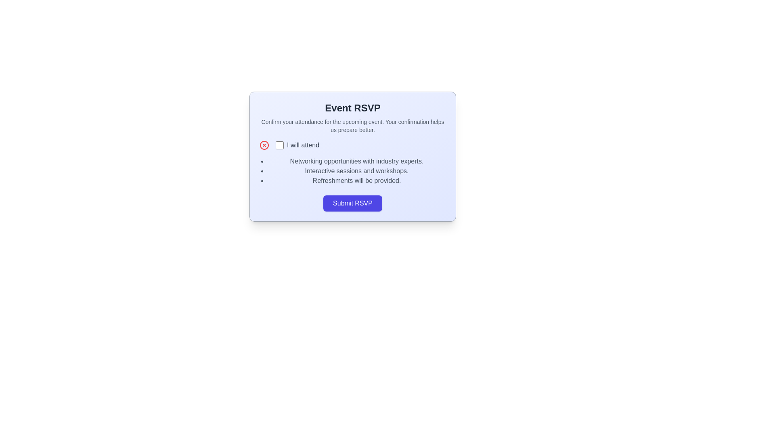 The image size is (775, 436). What do you see at coordinates (356, 180) in the screenshot?
I see `the static text element that informs users about refreshments, which is located between 'Interactive sessions and workshops.' and the 'Submit RSVP' button` at bounding box center [356, 180].